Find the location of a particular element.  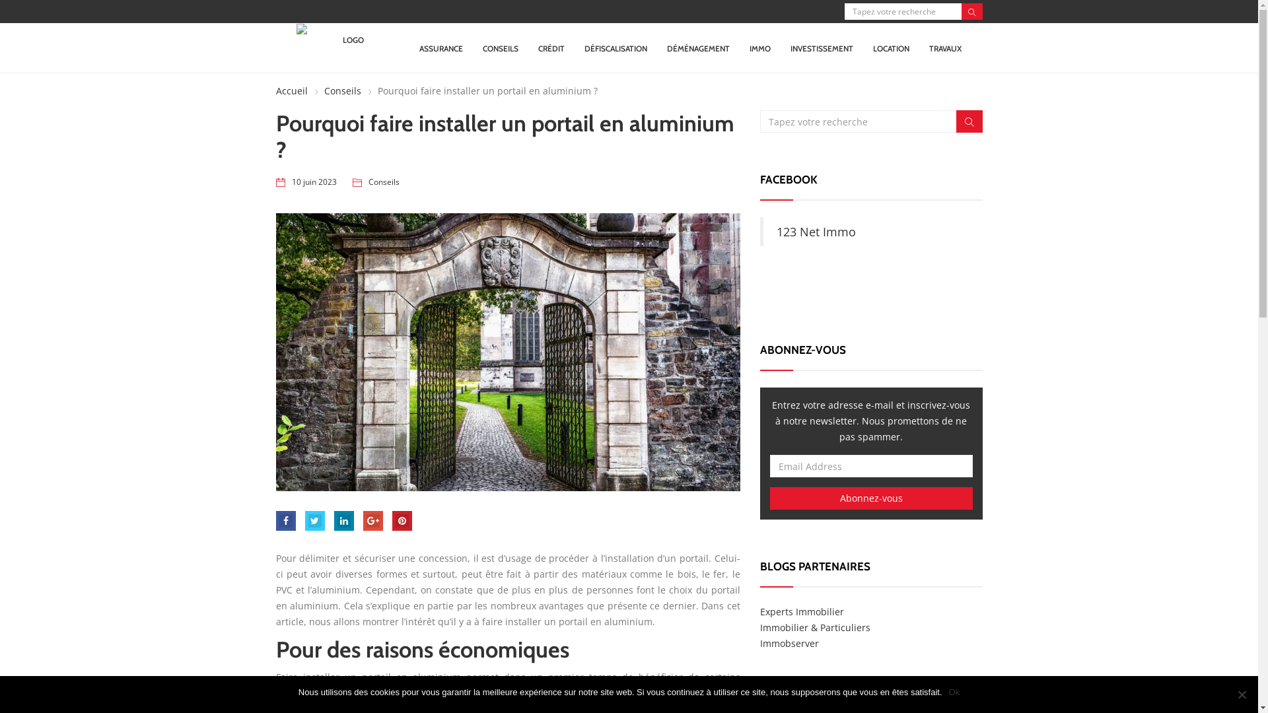

'Accueil' is located at coordinates (291, 90).